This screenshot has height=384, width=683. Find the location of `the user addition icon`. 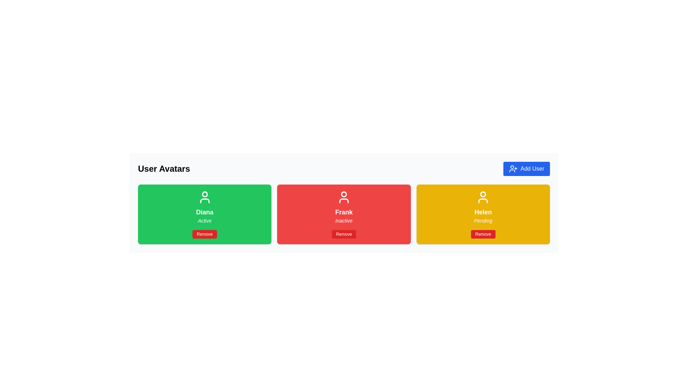

the user addition icon is located at coordinates (513, 169).